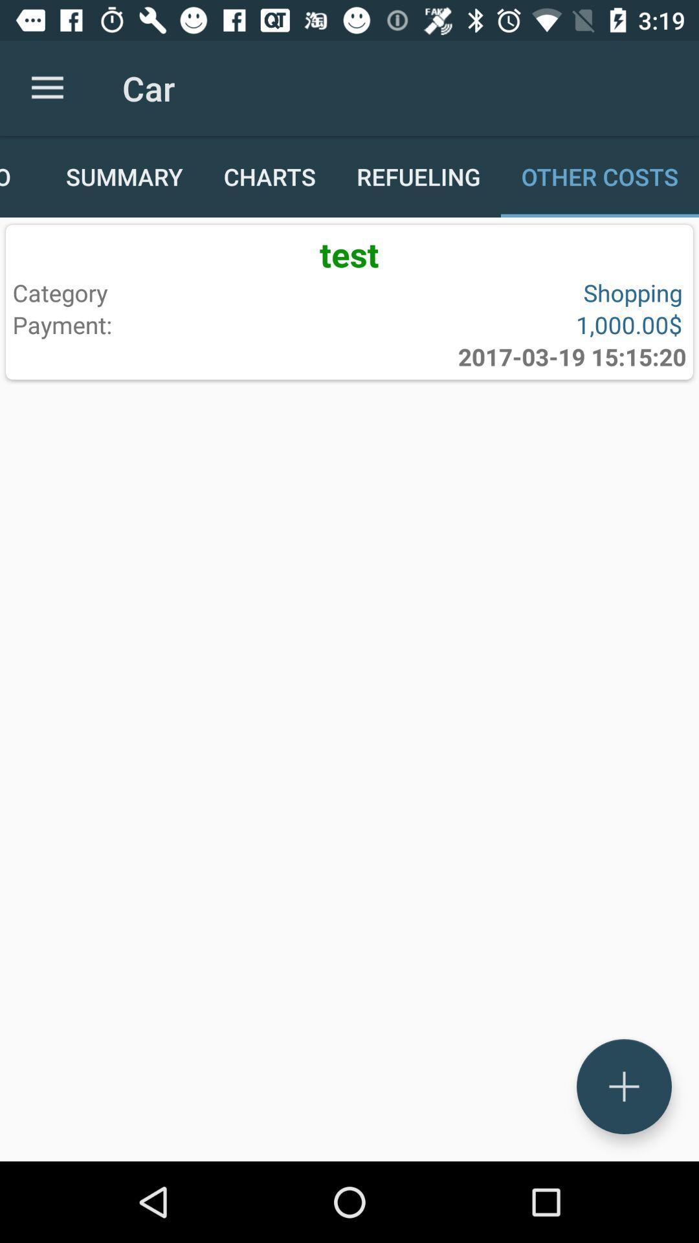 The height and width of the screenshot is (1243, 699). I want to click on item to the right of category icon, so click(513, 292).